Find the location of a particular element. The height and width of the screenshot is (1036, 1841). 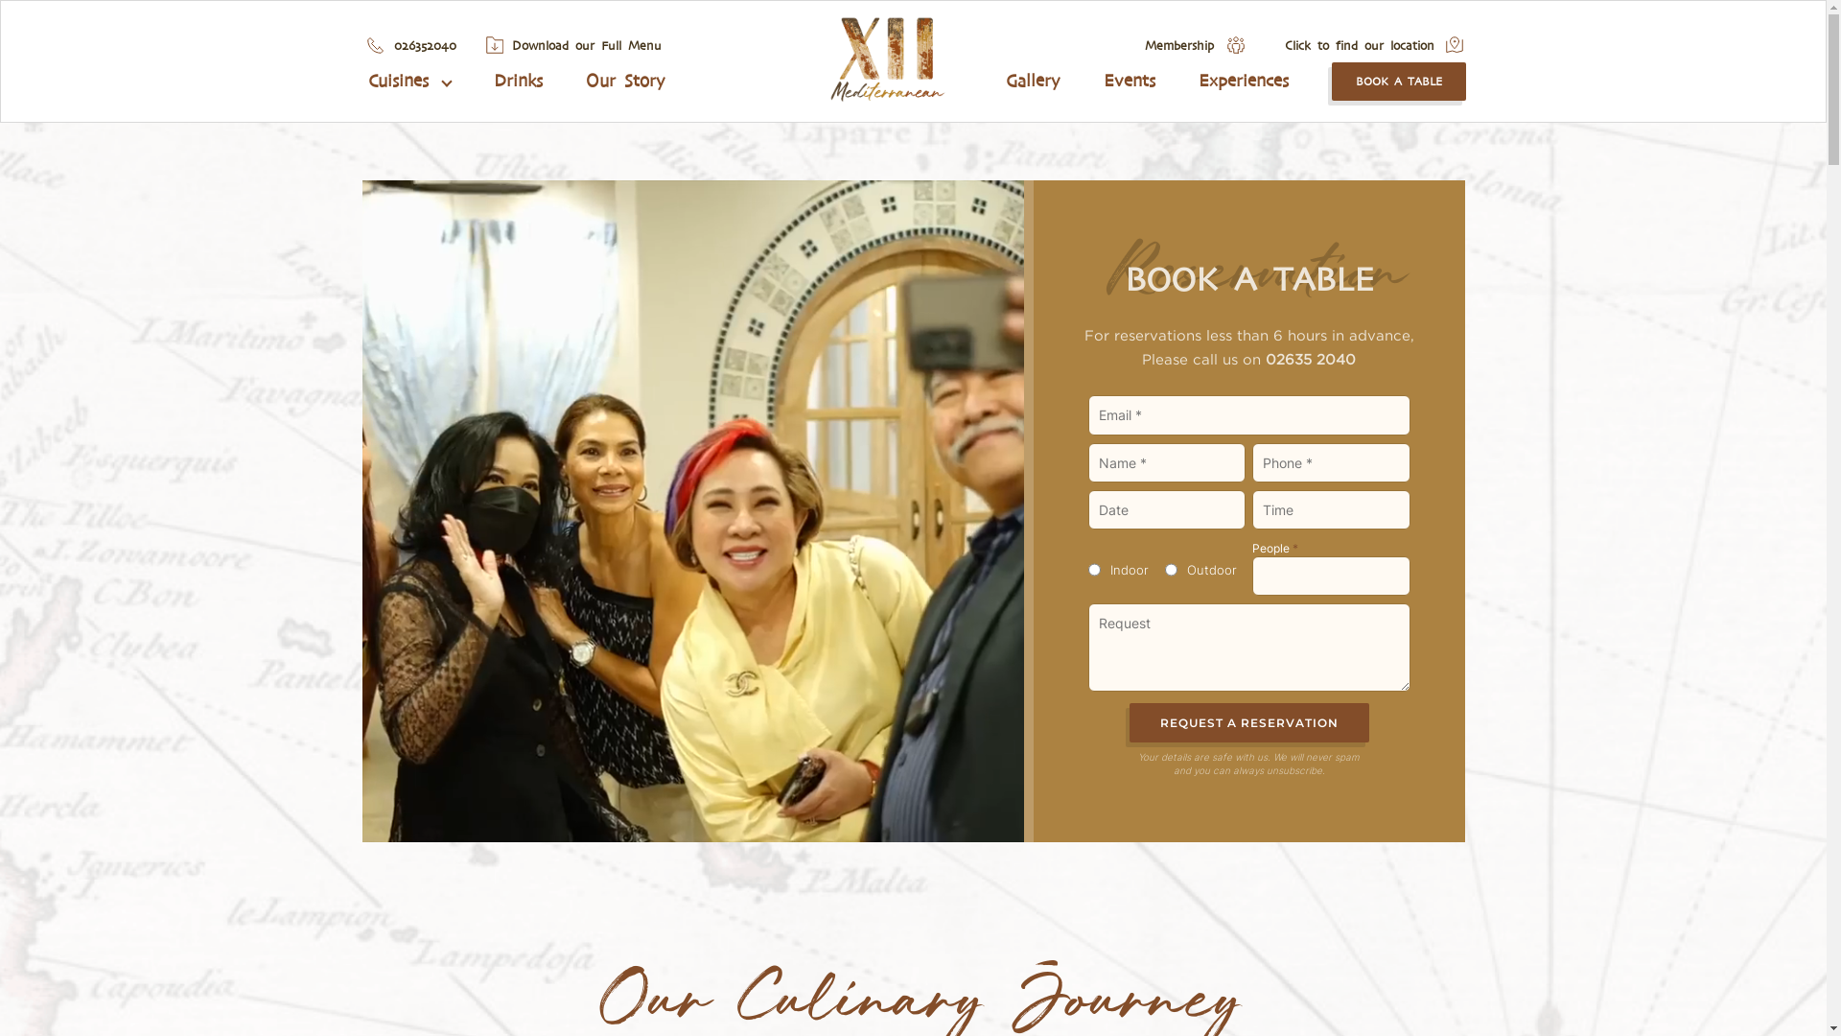

'BOOK A TABLE' is located at coordinates (1399, 80).